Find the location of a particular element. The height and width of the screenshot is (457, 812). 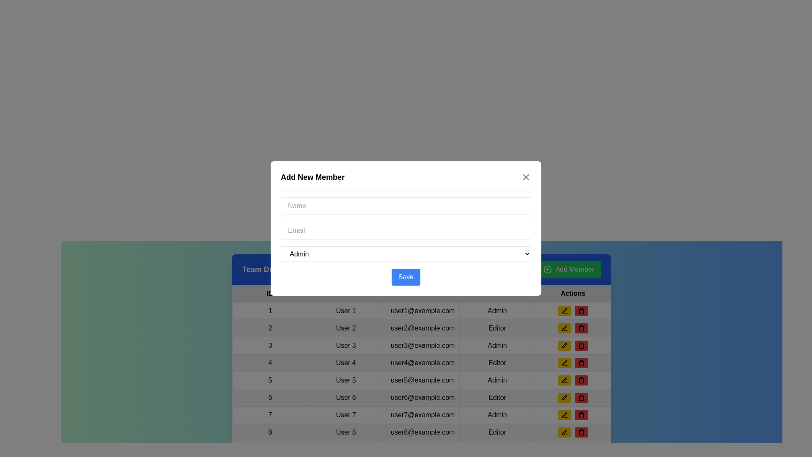

the table cell in the first column of the second row, which serves as an identifier for a specific data entry is located at coordinates (269, 328).